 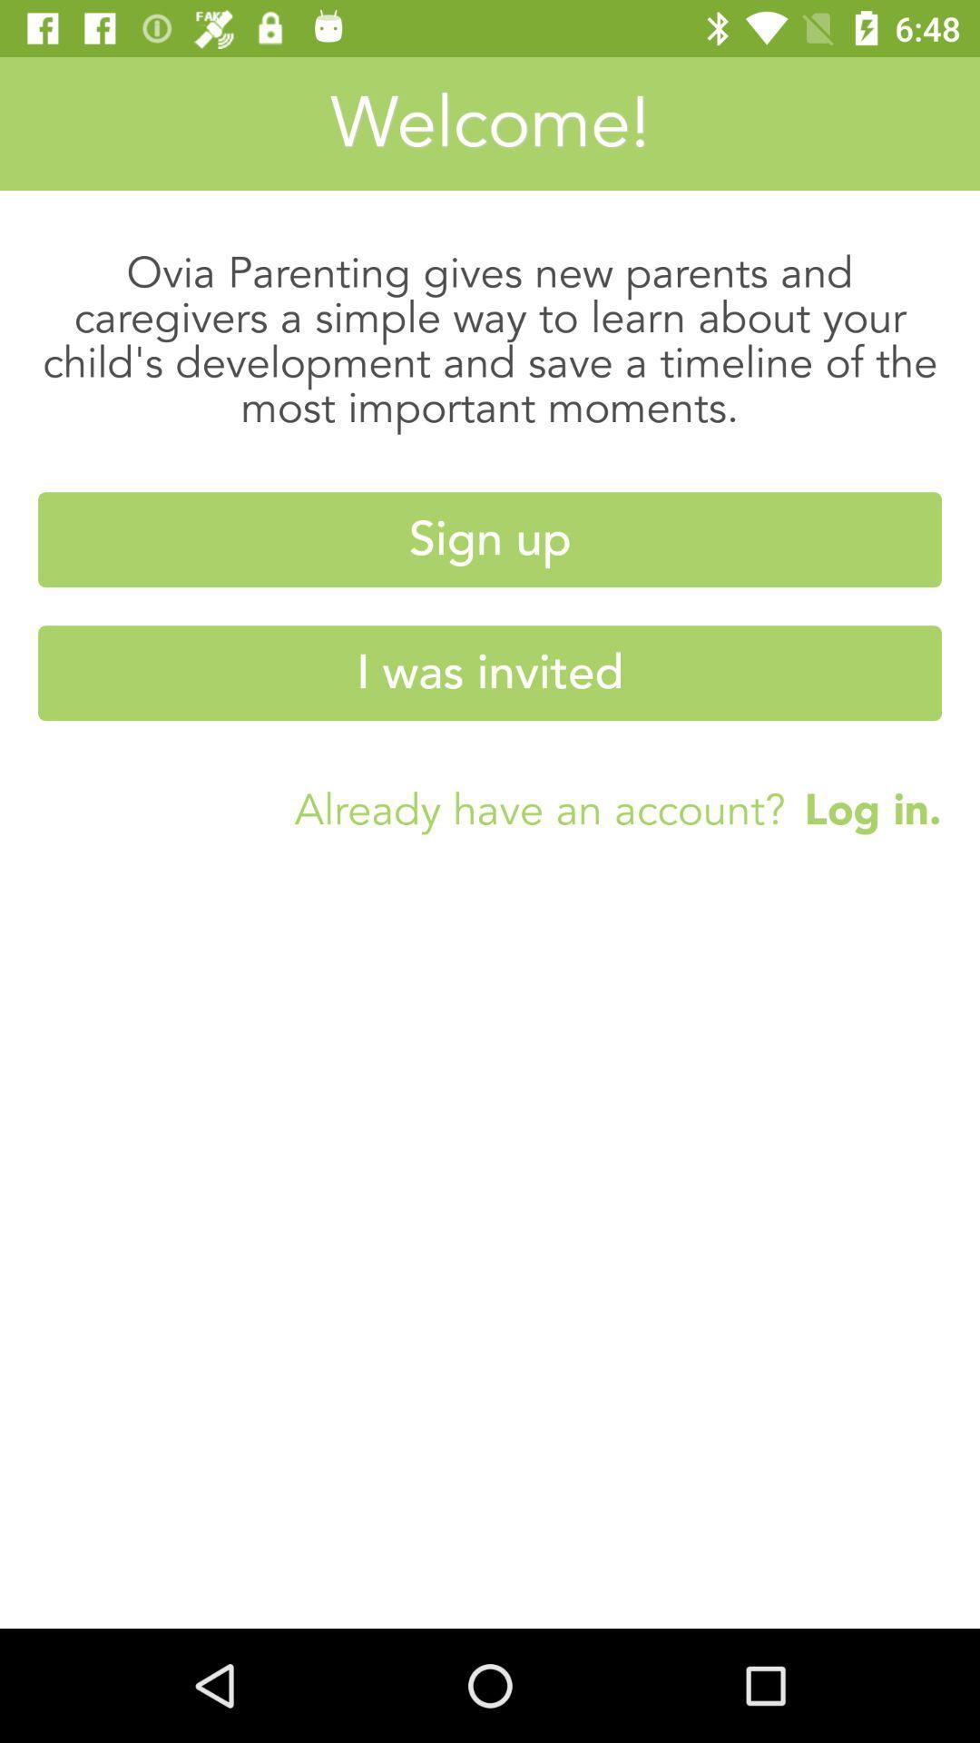 I want to click on the icon above the i was invited icon, so click(x=490, y=538).